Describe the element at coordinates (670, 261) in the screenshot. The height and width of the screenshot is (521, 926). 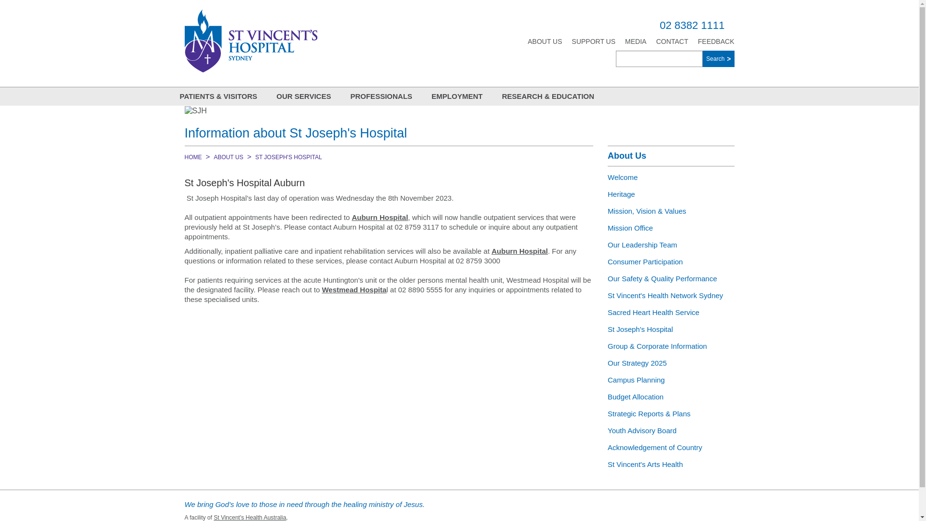
I see `'Consumer Participation'` at that location.